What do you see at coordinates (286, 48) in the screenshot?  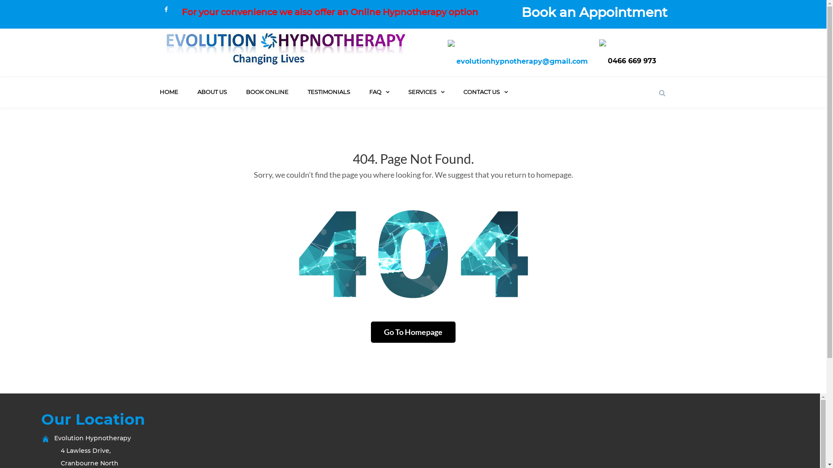 I see `'Hypnotherapy Berwick'` at bounding box center [286, 48].